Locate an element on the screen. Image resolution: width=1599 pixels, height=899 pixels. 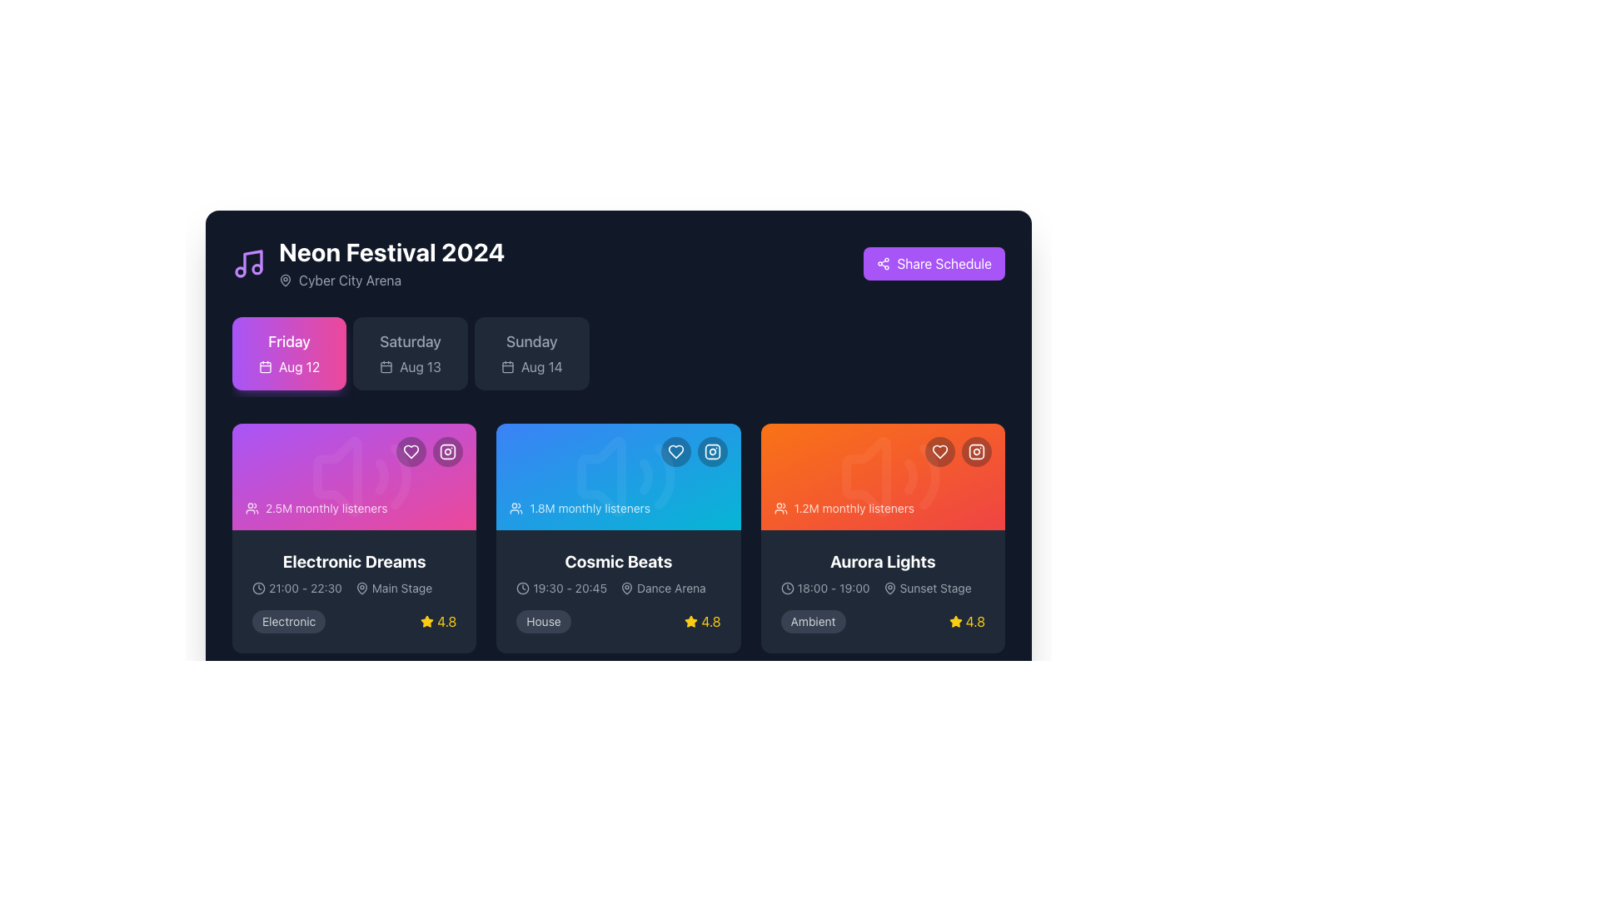
the Text and Icon Composite displaying 'Neon Festival 2024' and 'Cyber City Arena' with a purple music note icon on the left is located at coordinates (367, 262).